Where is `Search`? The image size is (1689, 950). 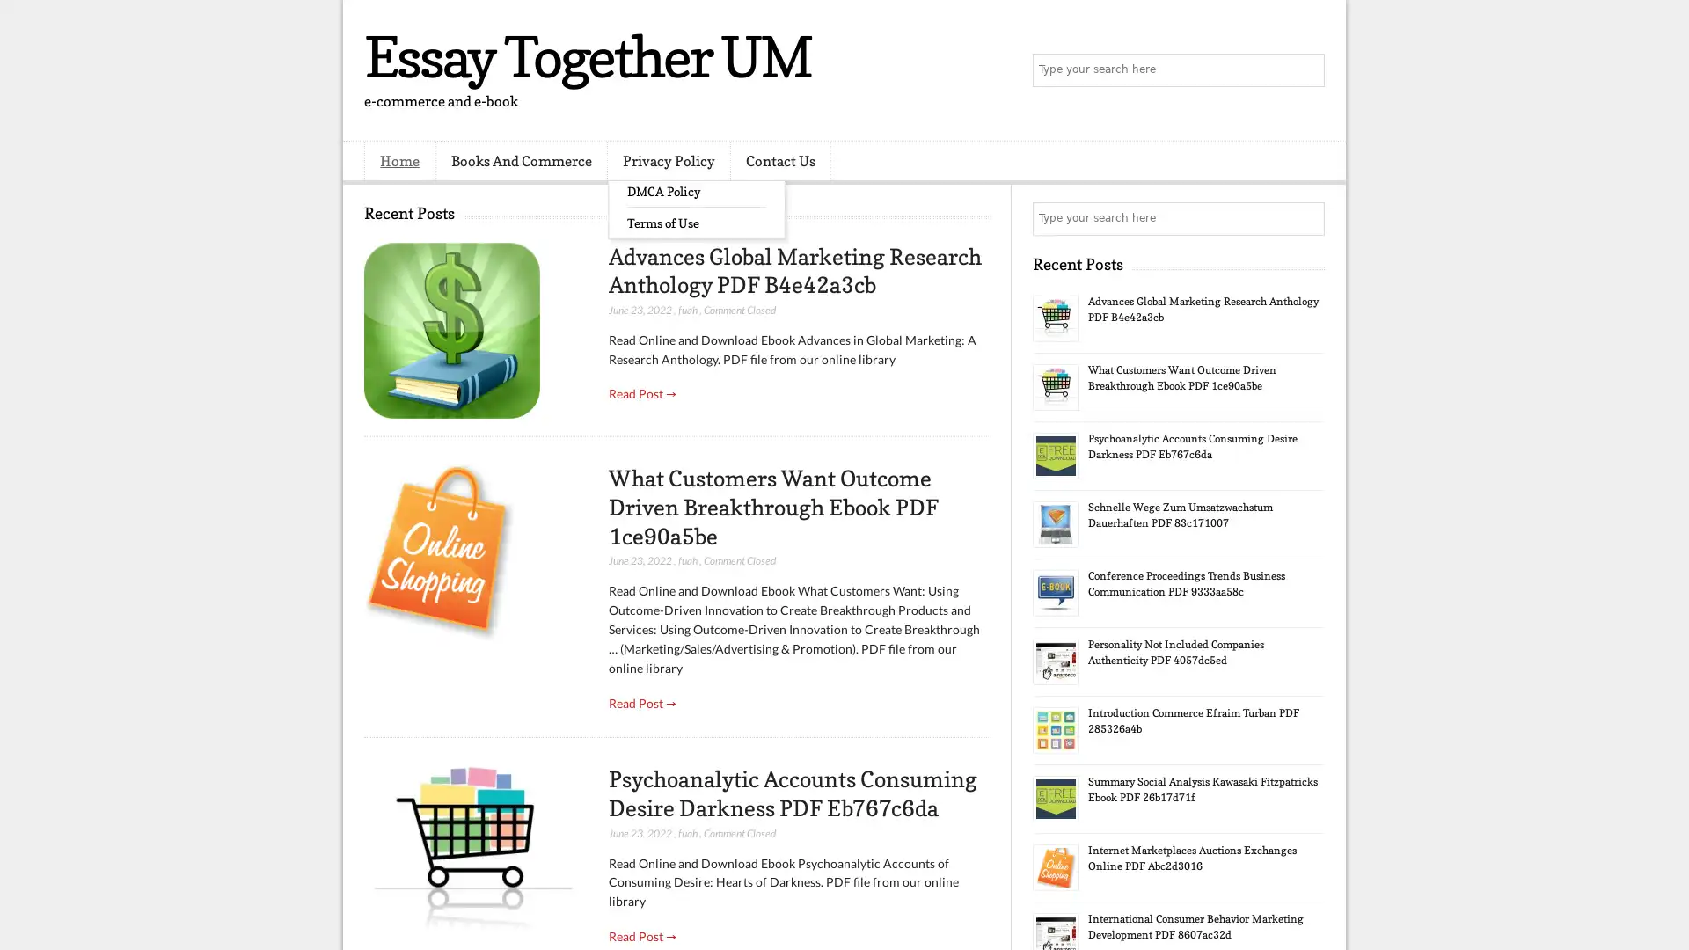
Search is located at coordinates (1306, 218).